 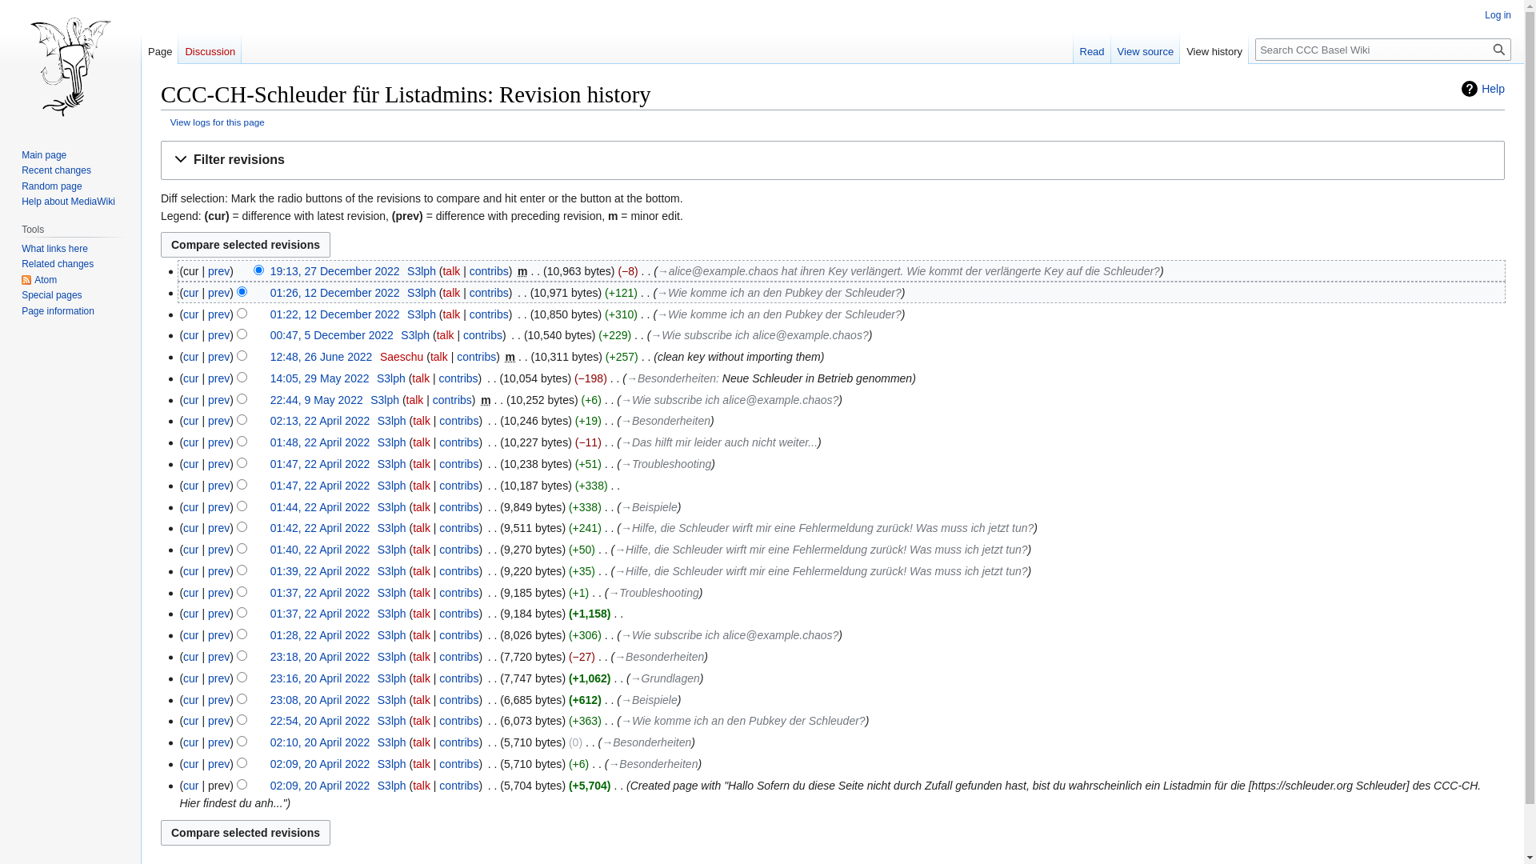 What do you see at coordinates (402, 356) in the screenshot?
I see `'Saeschu'` at bounding box center [402, 356].